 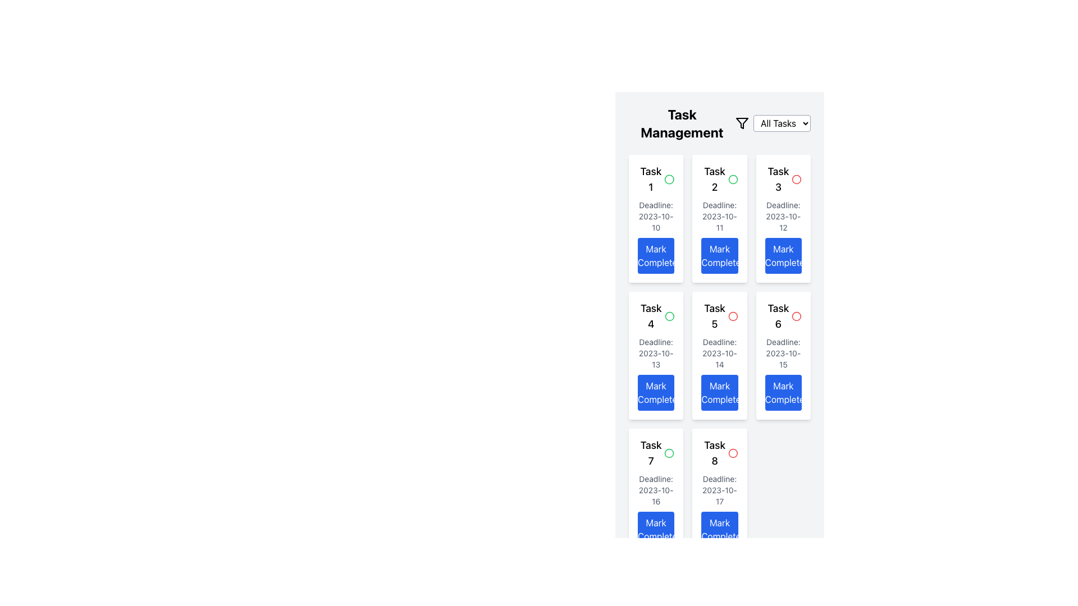 I want to click on informational label displaying the text 'Deadline: 2023-10-16' located centrally within the card for 'Task 7', so click(x=656, y=490).